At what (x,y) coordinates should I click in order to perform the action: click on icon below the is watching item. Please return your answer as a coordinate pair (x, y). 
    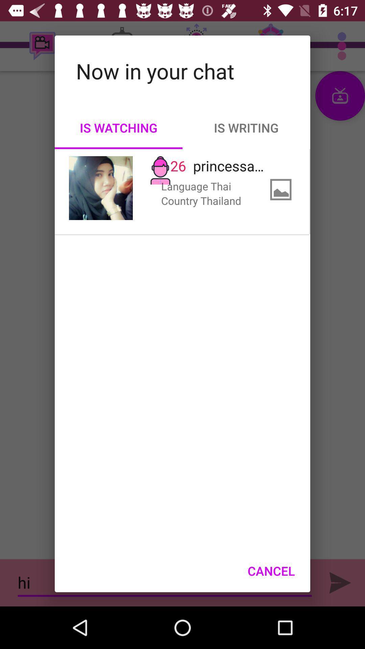
    Looking at the image, I should click on (101, 188).